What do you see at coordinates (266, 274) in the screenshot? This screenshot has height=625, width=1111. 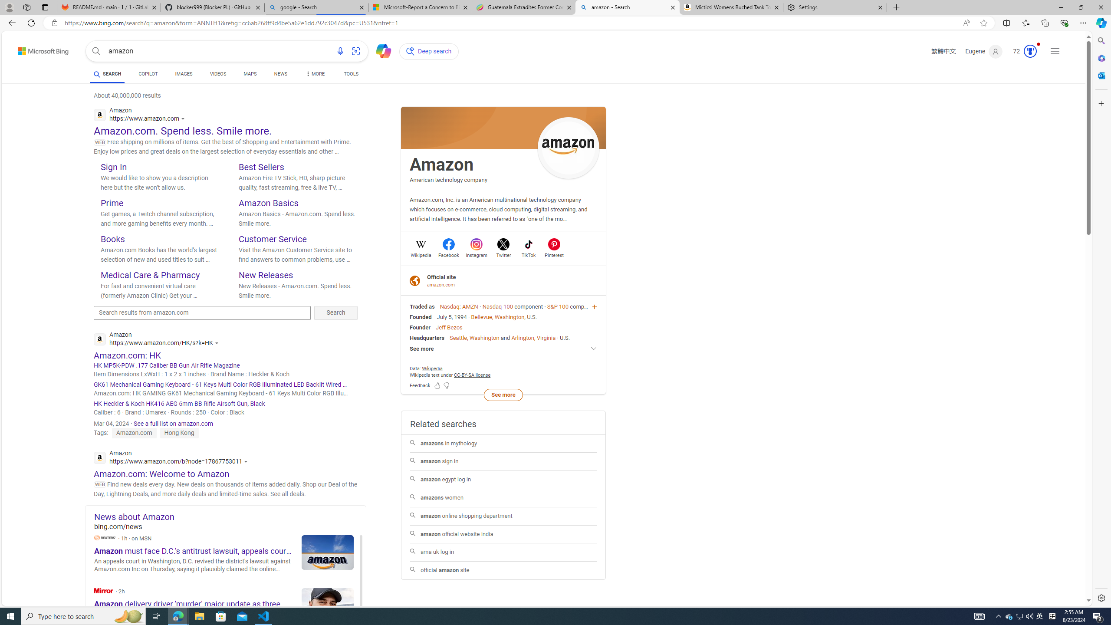 I see `'New Releases'` at bounding box center [266, 274].